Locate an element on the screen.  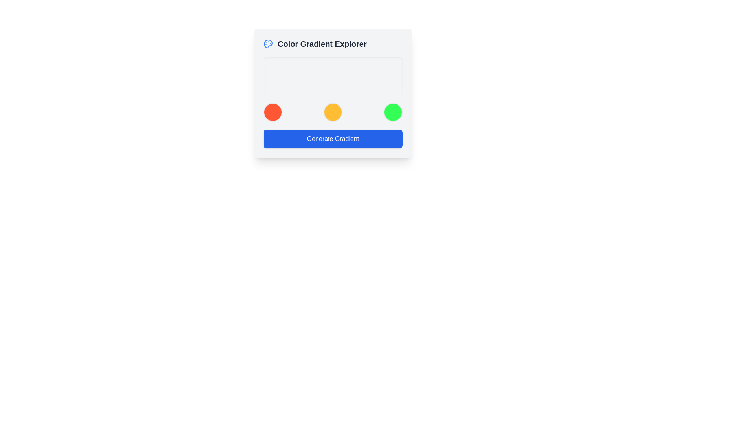
the leftmost circular UI element, which has a solid orange-red fill and a thin border, located above the 'Generate Gradient' button is located at coordinates (273, 112).